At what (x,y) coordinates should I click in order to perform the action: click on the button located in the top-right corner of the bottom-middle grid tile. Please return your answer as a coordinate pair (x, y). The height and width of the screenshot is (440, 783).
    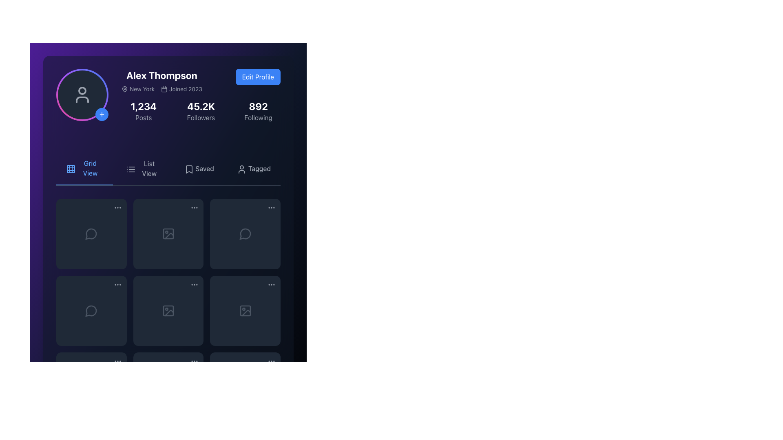
    Looking at the image, I should click on (194, 284).